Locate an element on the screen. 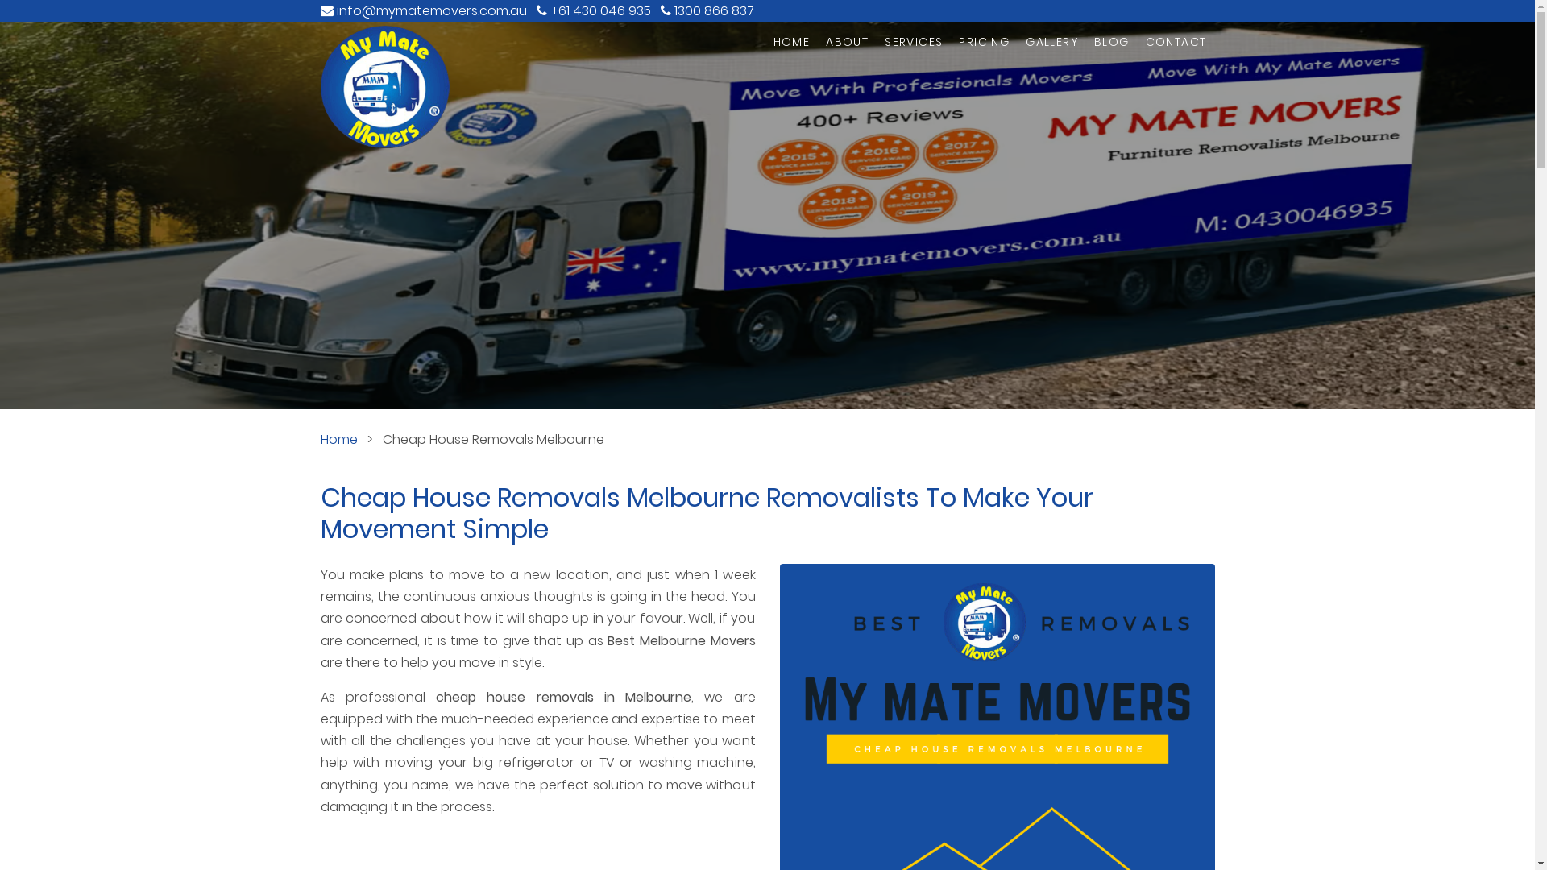  '+61 430 046 935' is located at coordinates (599, 10).